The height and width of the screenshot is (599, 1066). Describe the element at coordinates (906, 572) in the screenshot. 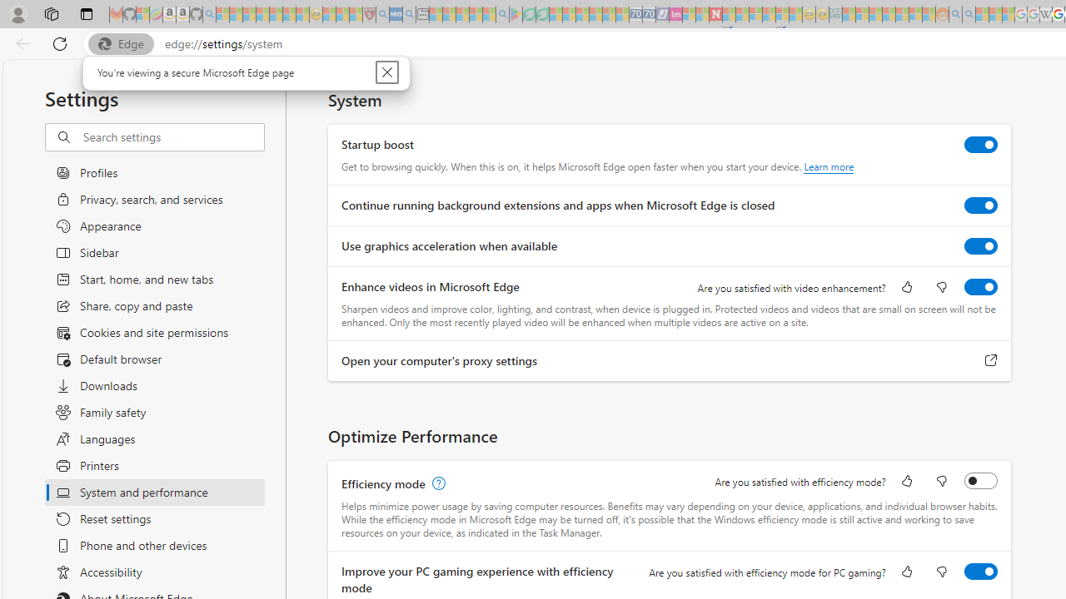

I see `'Like'` at that location.